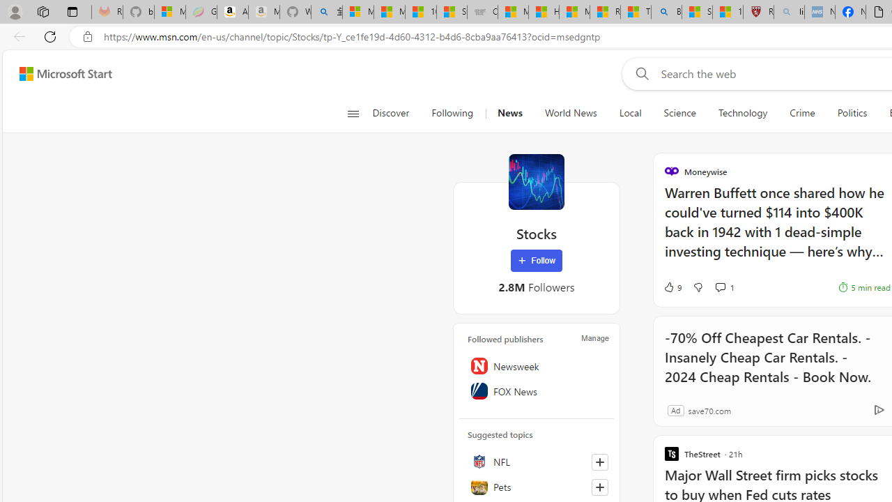 The image size is (892, 502). What do you see at coordinates (679, 113) in the screenshot?
I see `'Science'` at bounding box center [679, 113].